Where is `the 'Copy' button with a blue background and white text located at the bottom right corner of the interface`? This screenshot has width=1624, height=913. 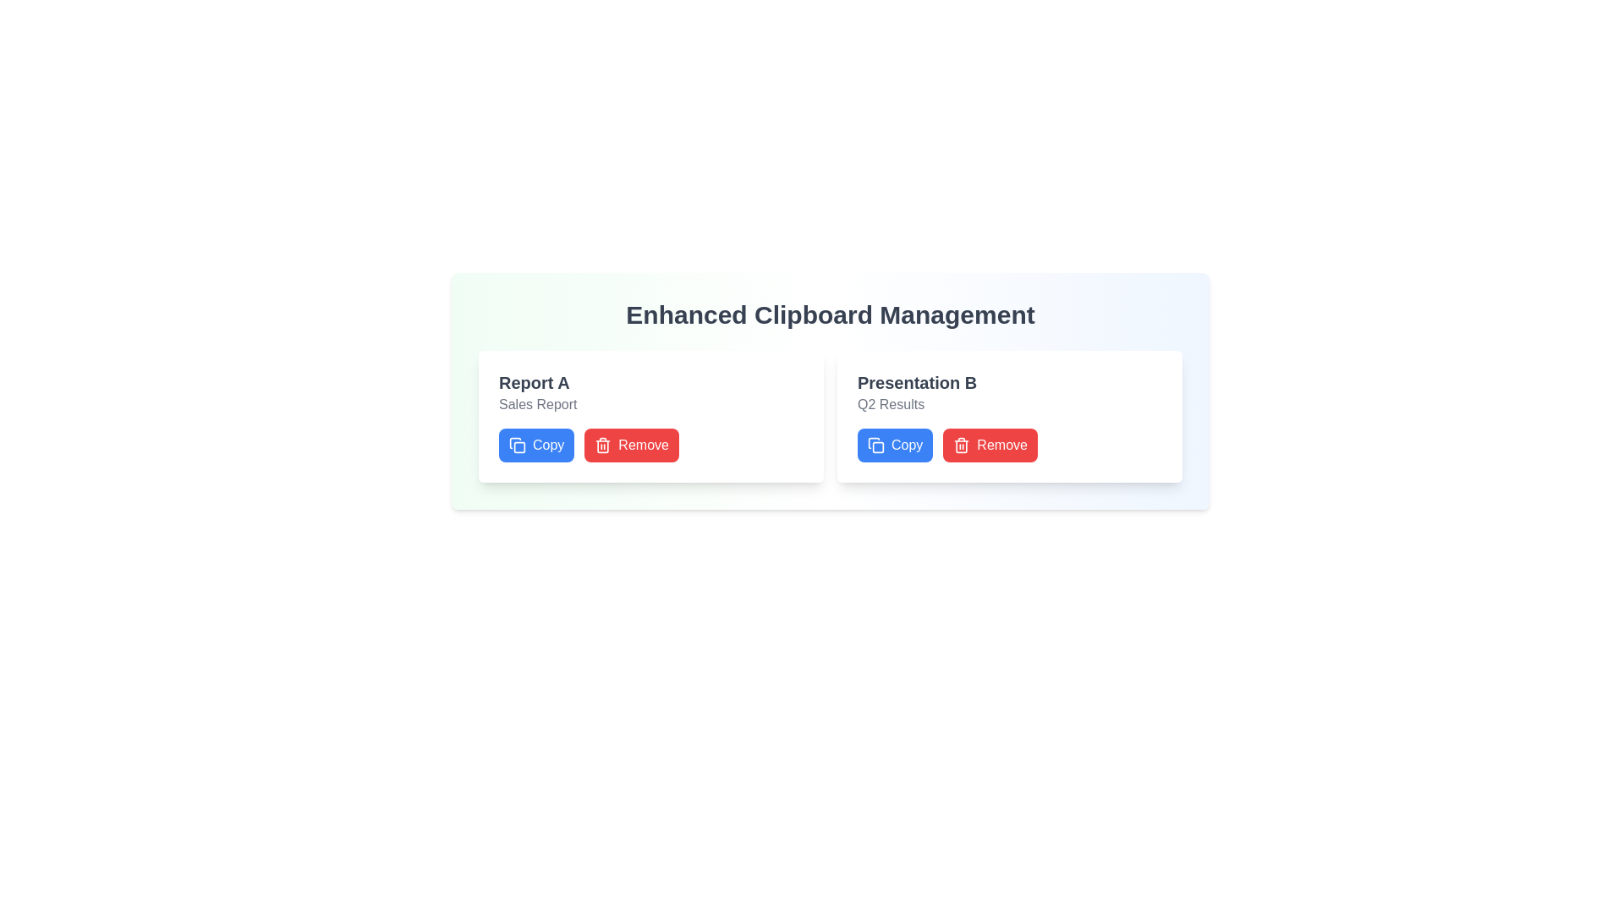
the 'Copy' button with a blue background and white text located at the bottom right corner of the interface is located at coordinates (894, 445).